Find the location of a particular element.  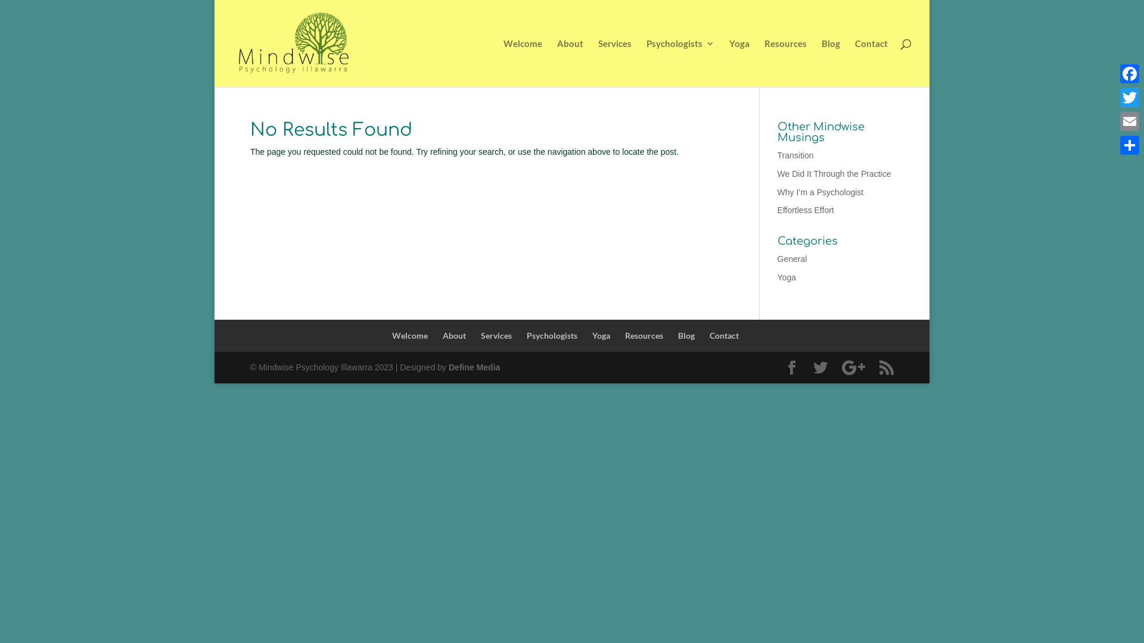

'Share' is located at coordinates (1129, 144).